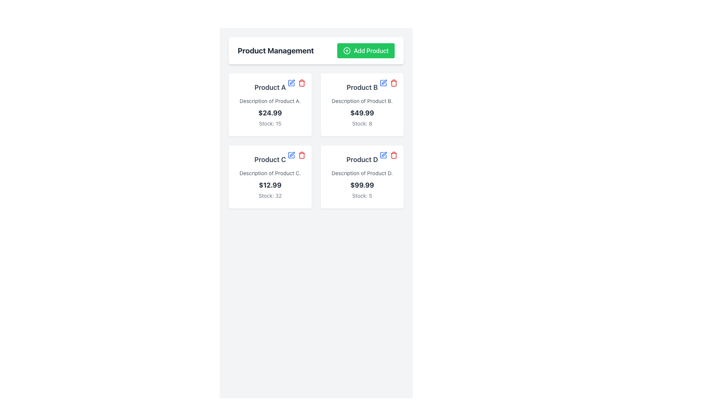 The image size is (721, 406). Describe the element at coordinates (389, 83) in the screenshot. I see `the red trash bin icon located at the upper-right corner of the 'Product B' card` at that location.